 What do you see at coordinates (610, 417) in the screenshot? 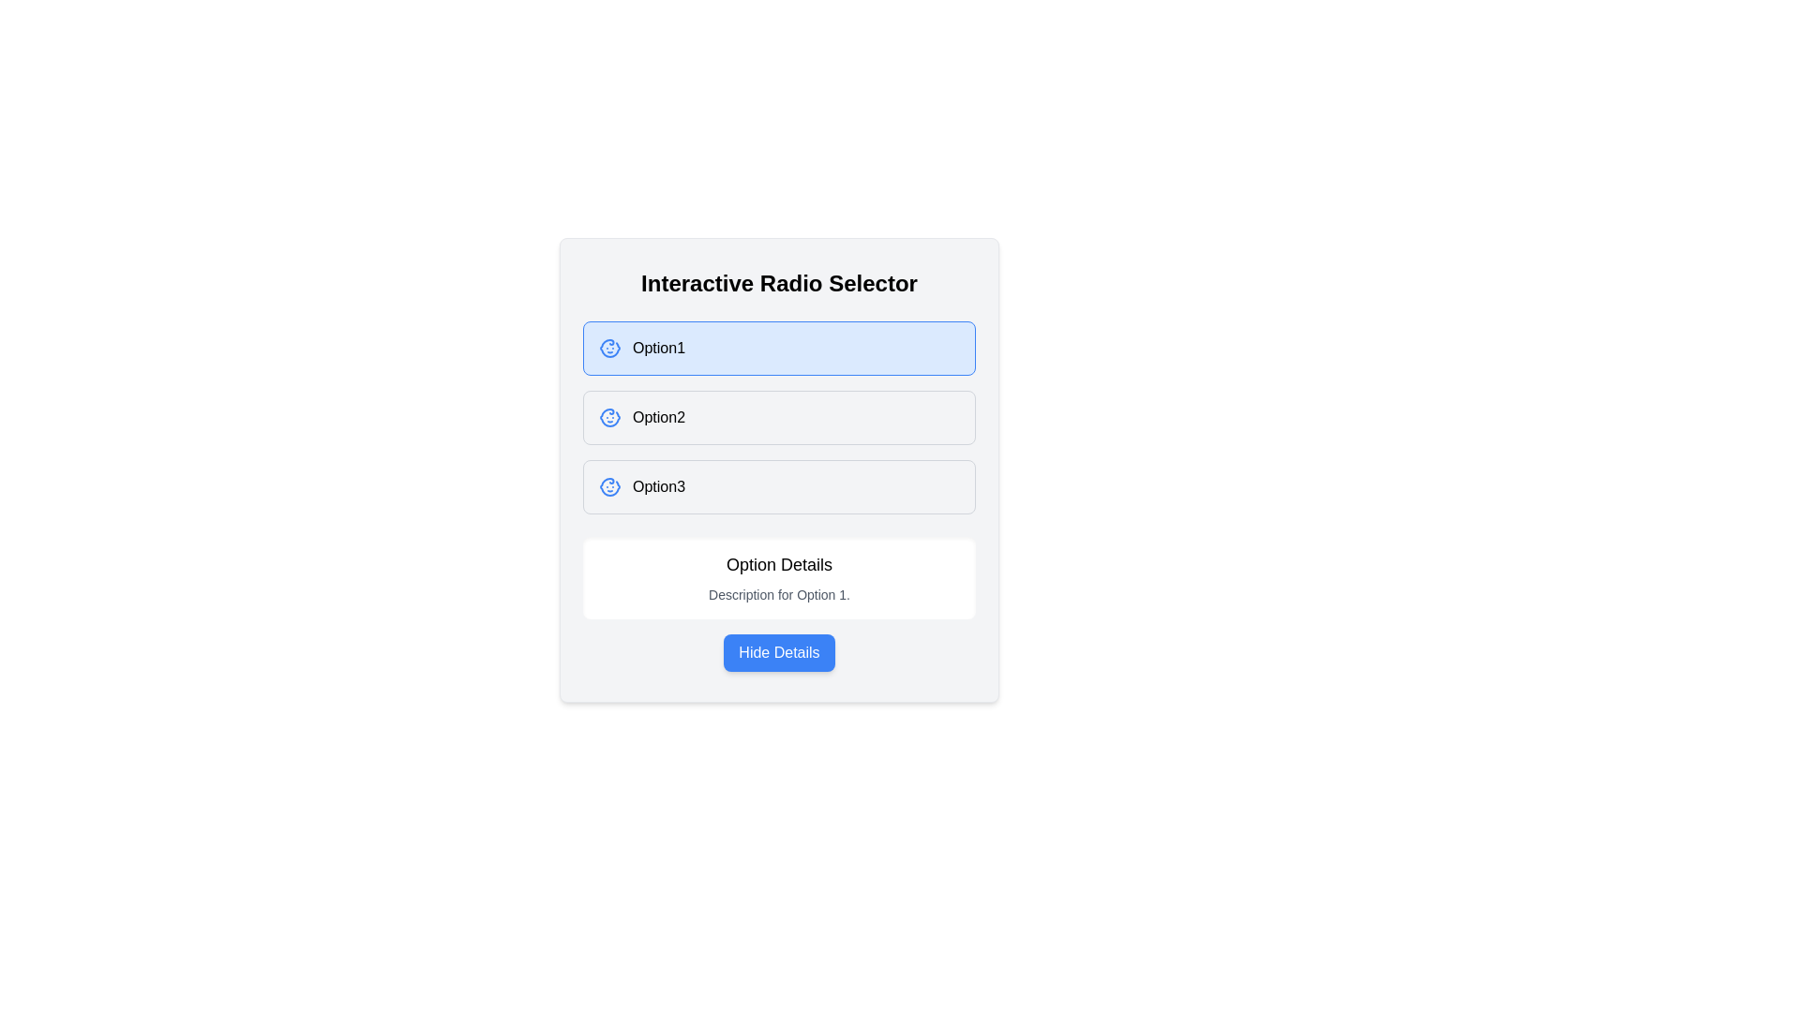
I see `the baby face icon located to the left of the text 'Option2' in the list of radio buttons` at bounding box center [610, 417].